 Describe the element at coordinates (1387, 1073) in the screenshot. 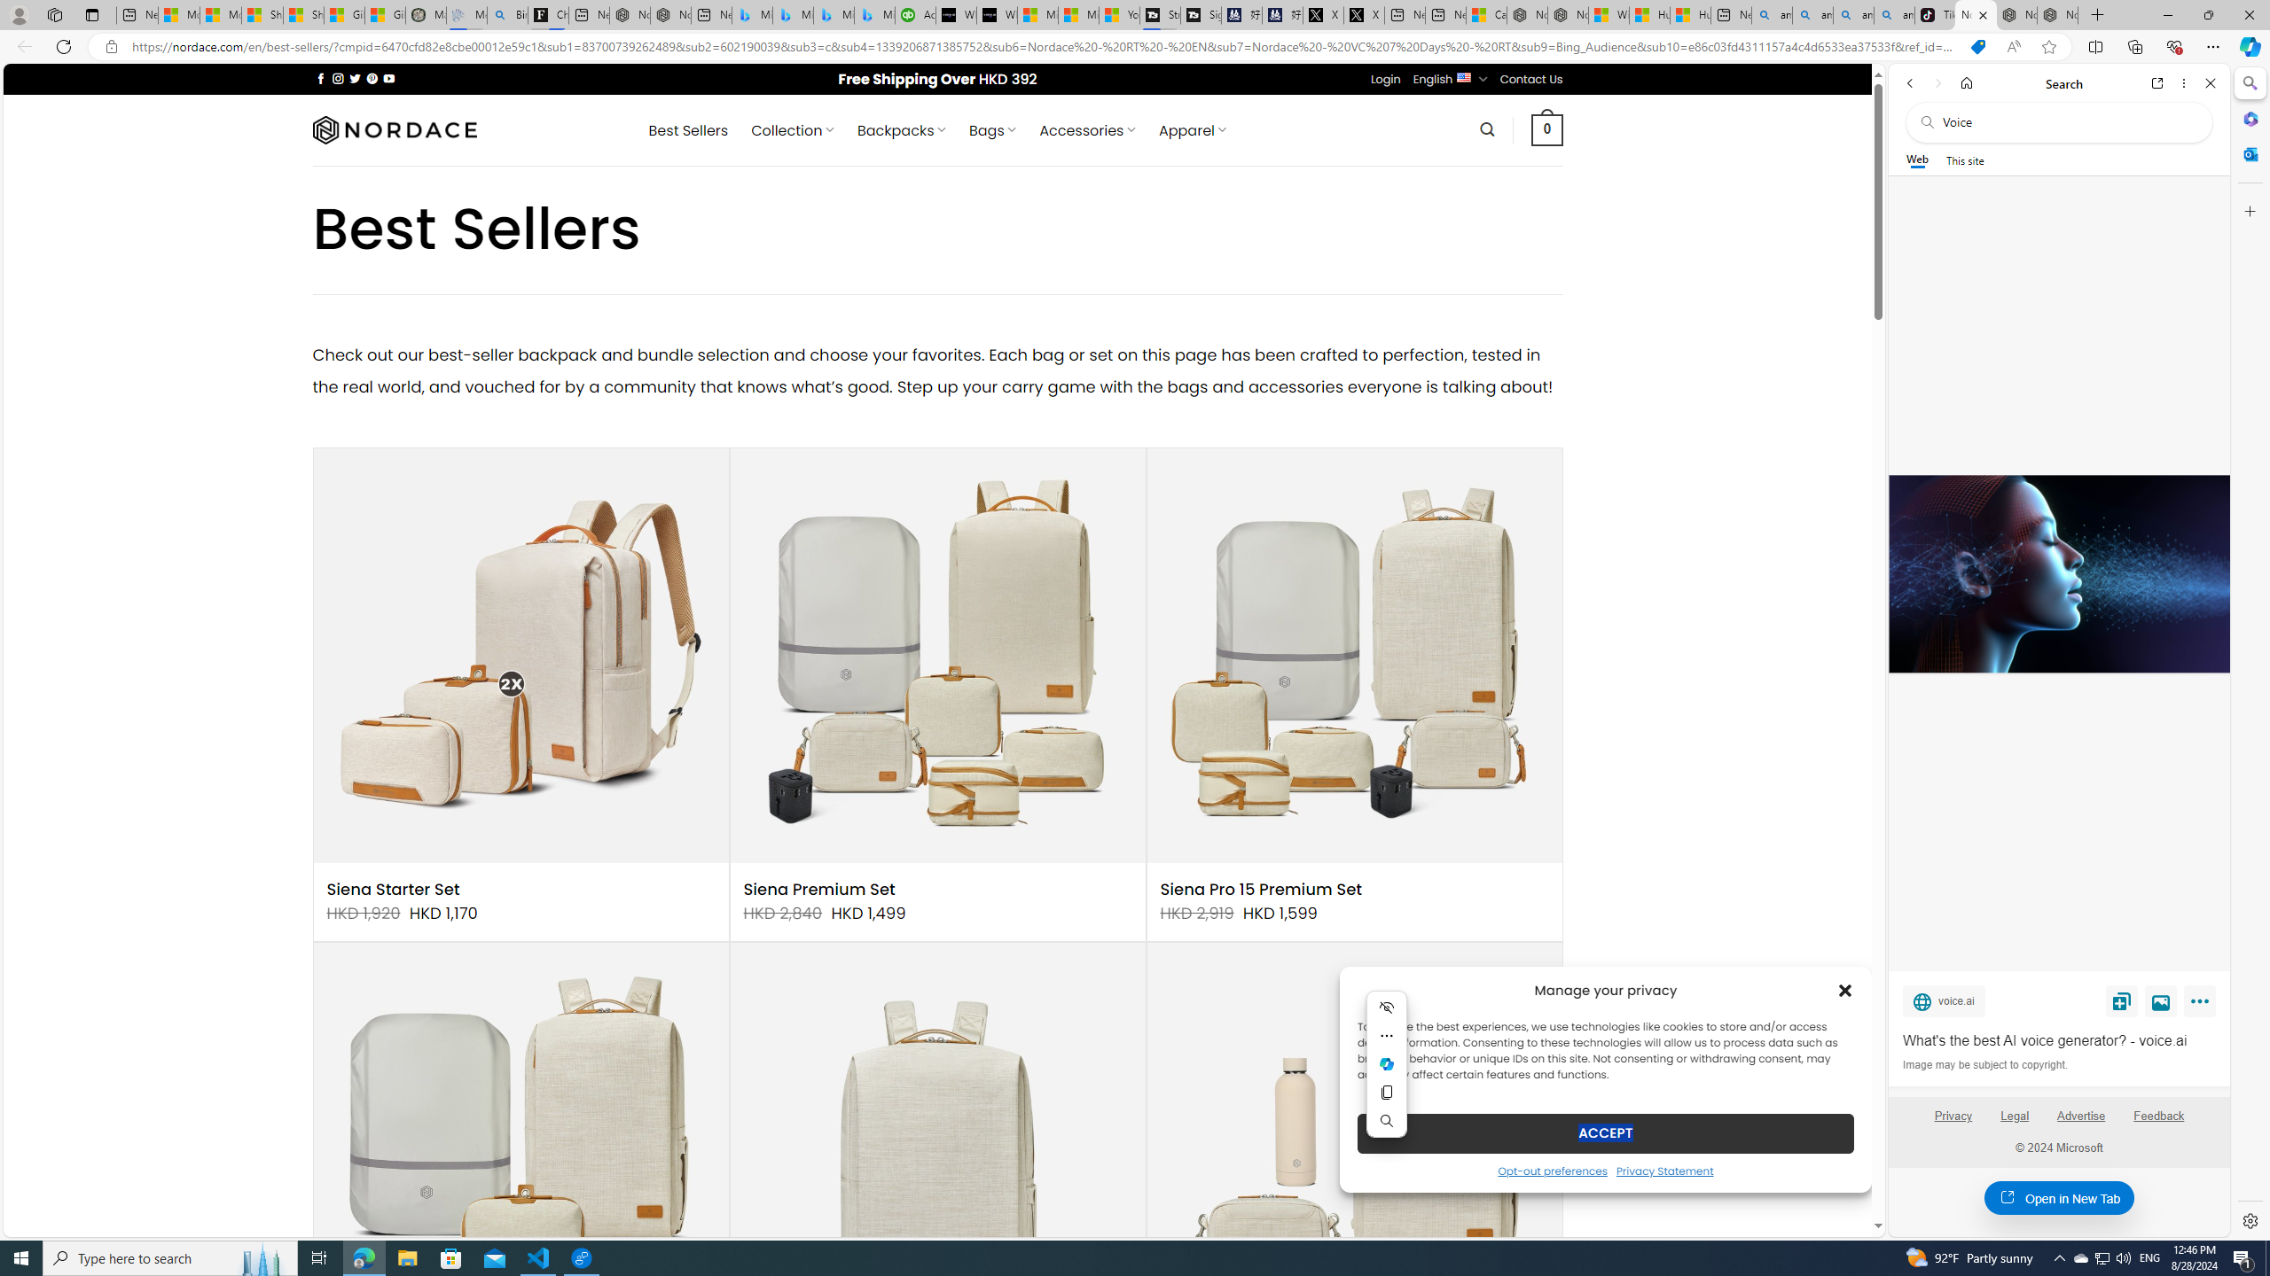

I see `'Mini menu on text selection'` at that location.